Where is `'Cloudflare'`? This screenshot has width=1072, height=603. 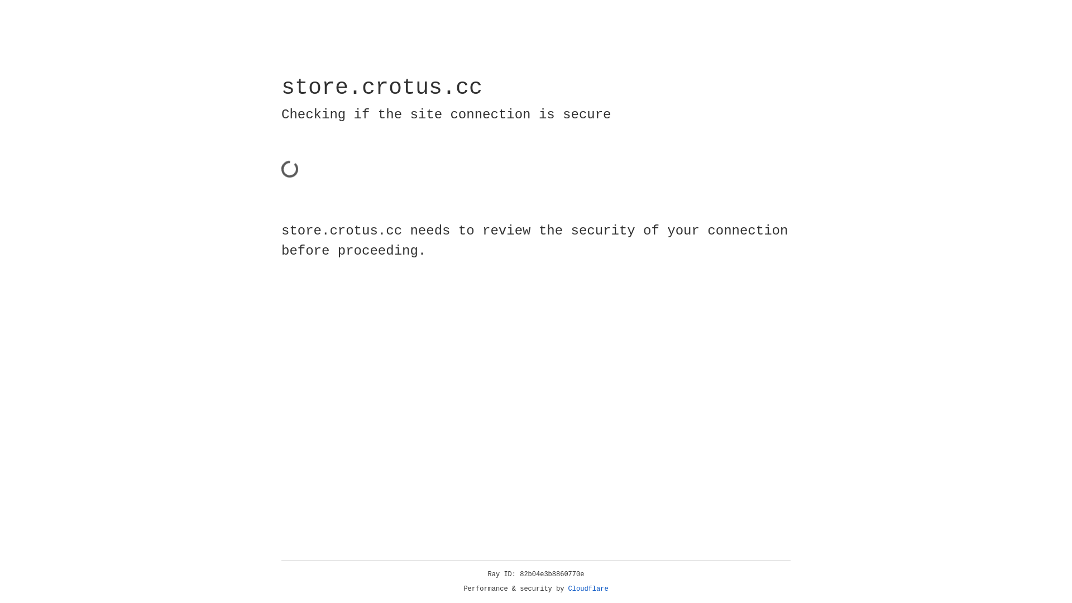 'Cloudflare' is located at coordinates (588, 588).